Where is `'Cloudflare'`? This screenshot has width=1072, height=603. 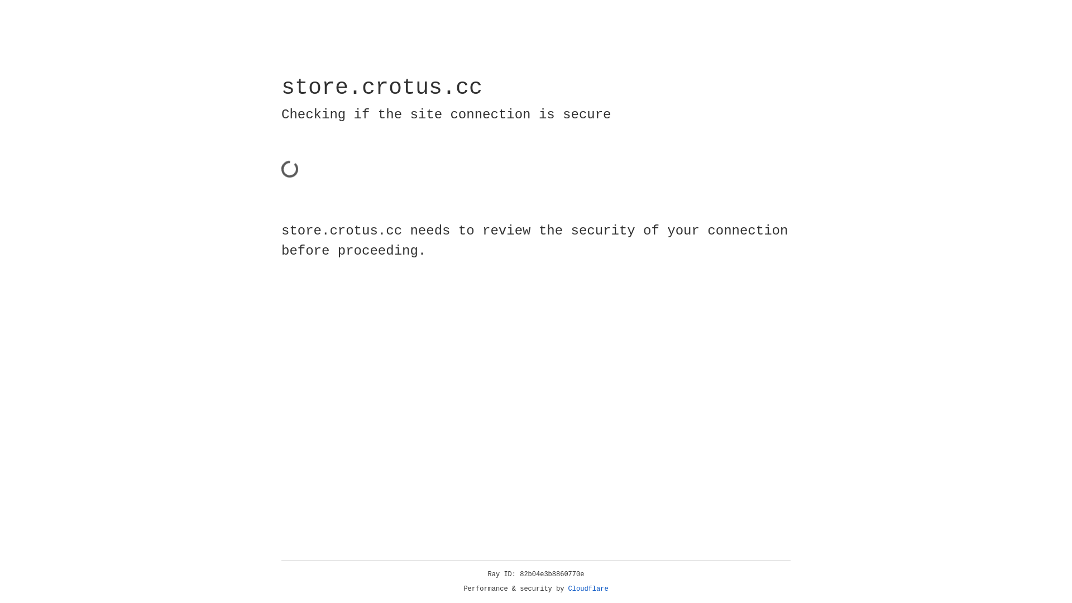 'Cloudflare' is located at coordinates (588, 588).